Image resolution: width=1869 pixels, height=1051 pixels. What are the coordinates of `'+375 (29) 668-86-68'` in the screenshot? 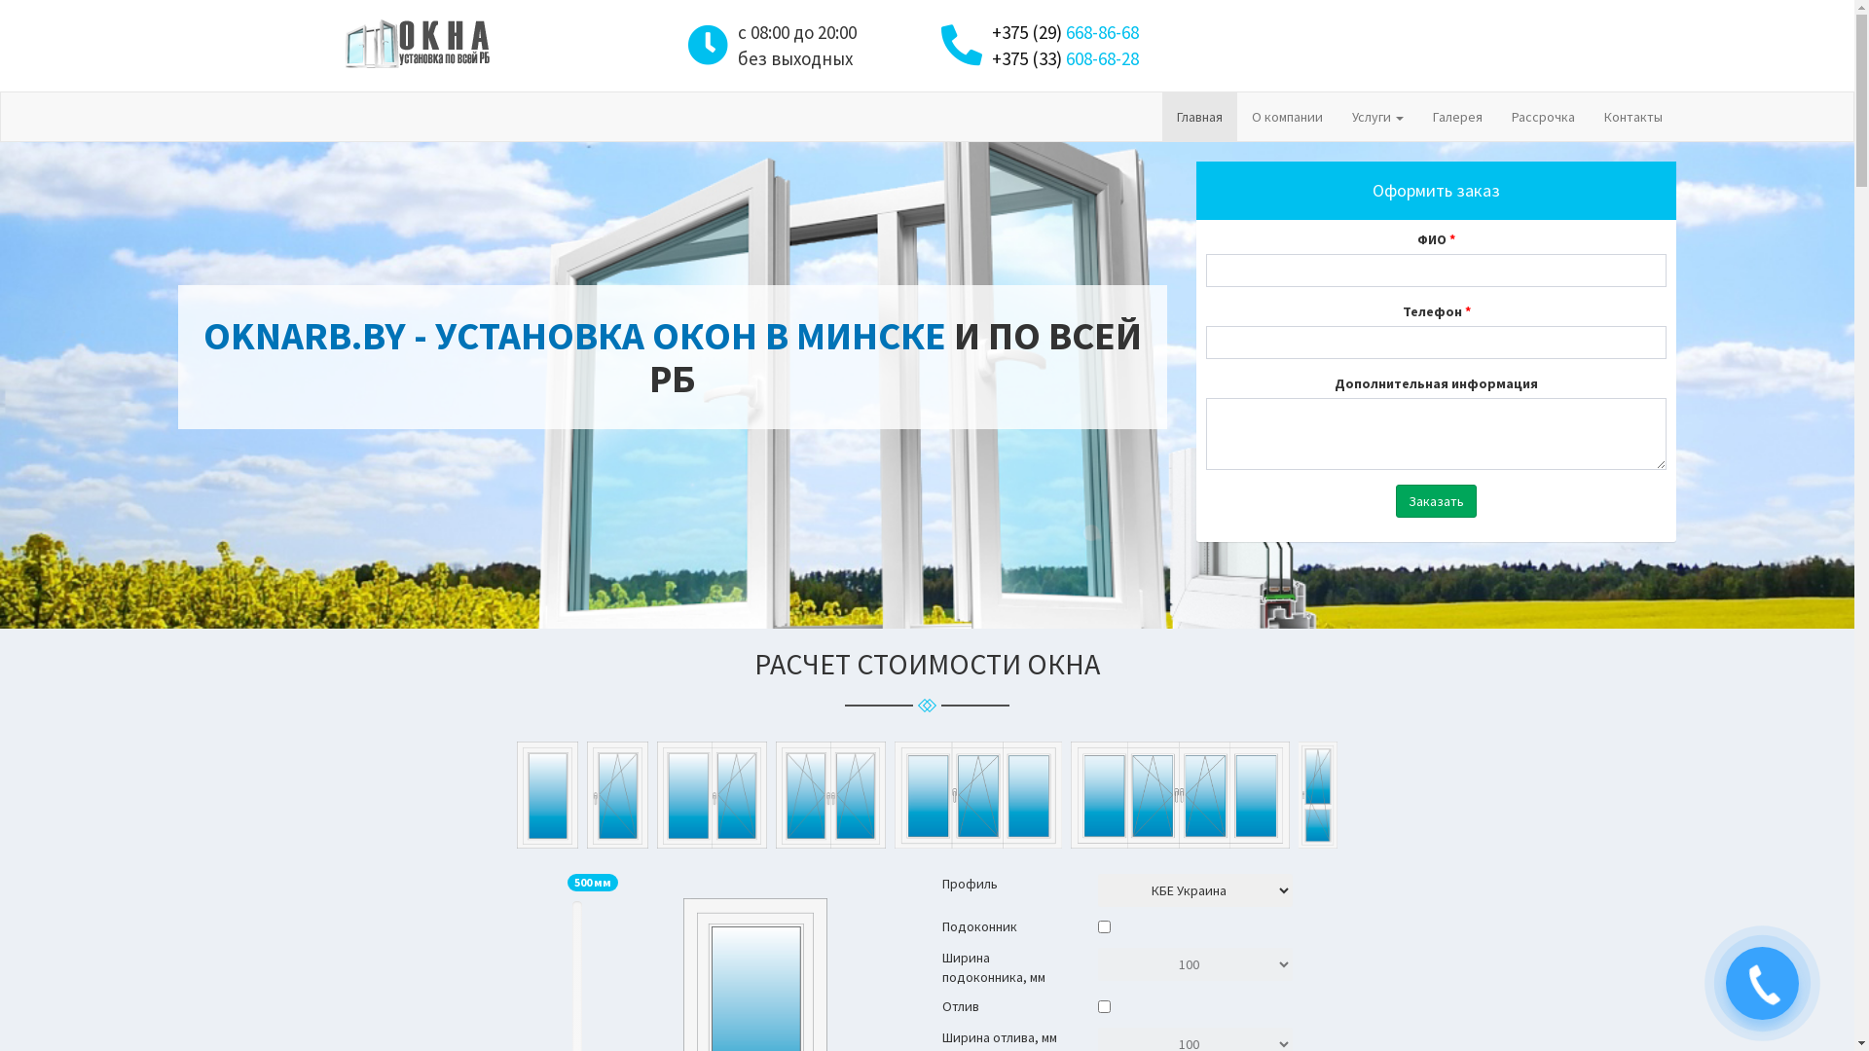 It's located at (991, 32).